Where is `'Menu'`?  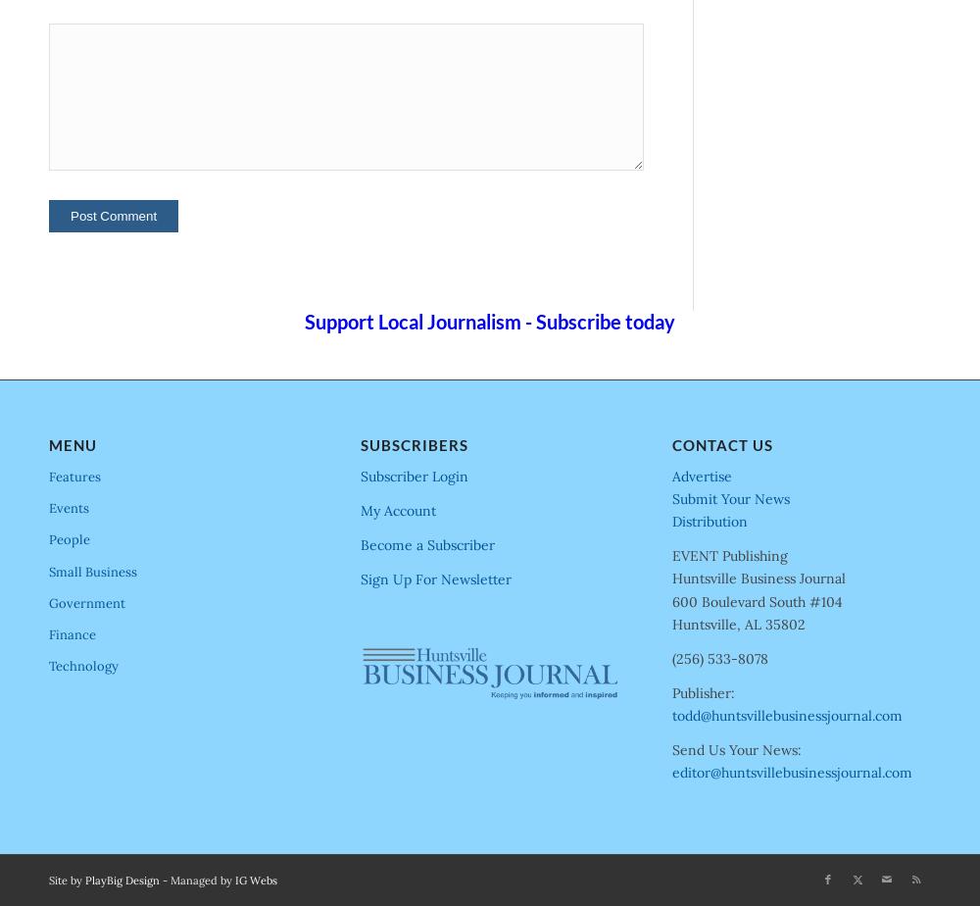 'Menu' is located at coordinates (72, 444).